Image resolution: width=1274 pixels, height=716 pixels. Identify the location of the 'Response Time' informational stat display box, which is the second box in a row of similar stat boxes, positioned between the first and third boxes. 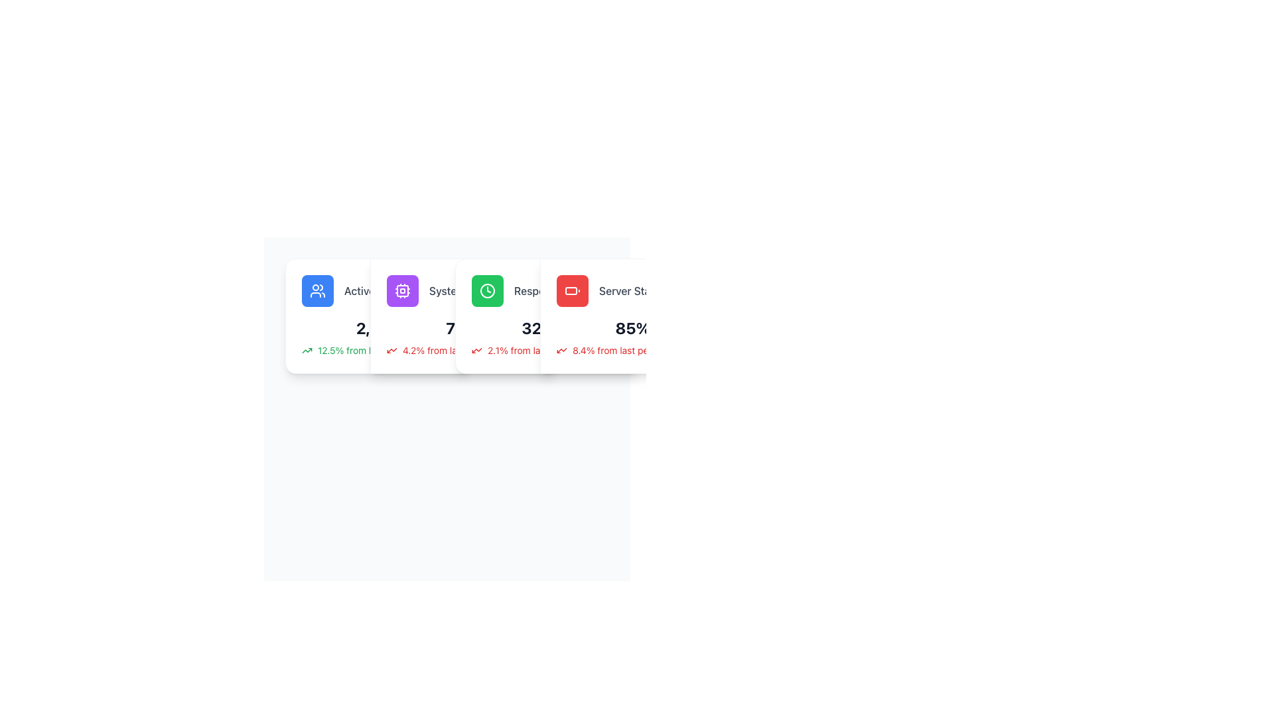
(547, 290).